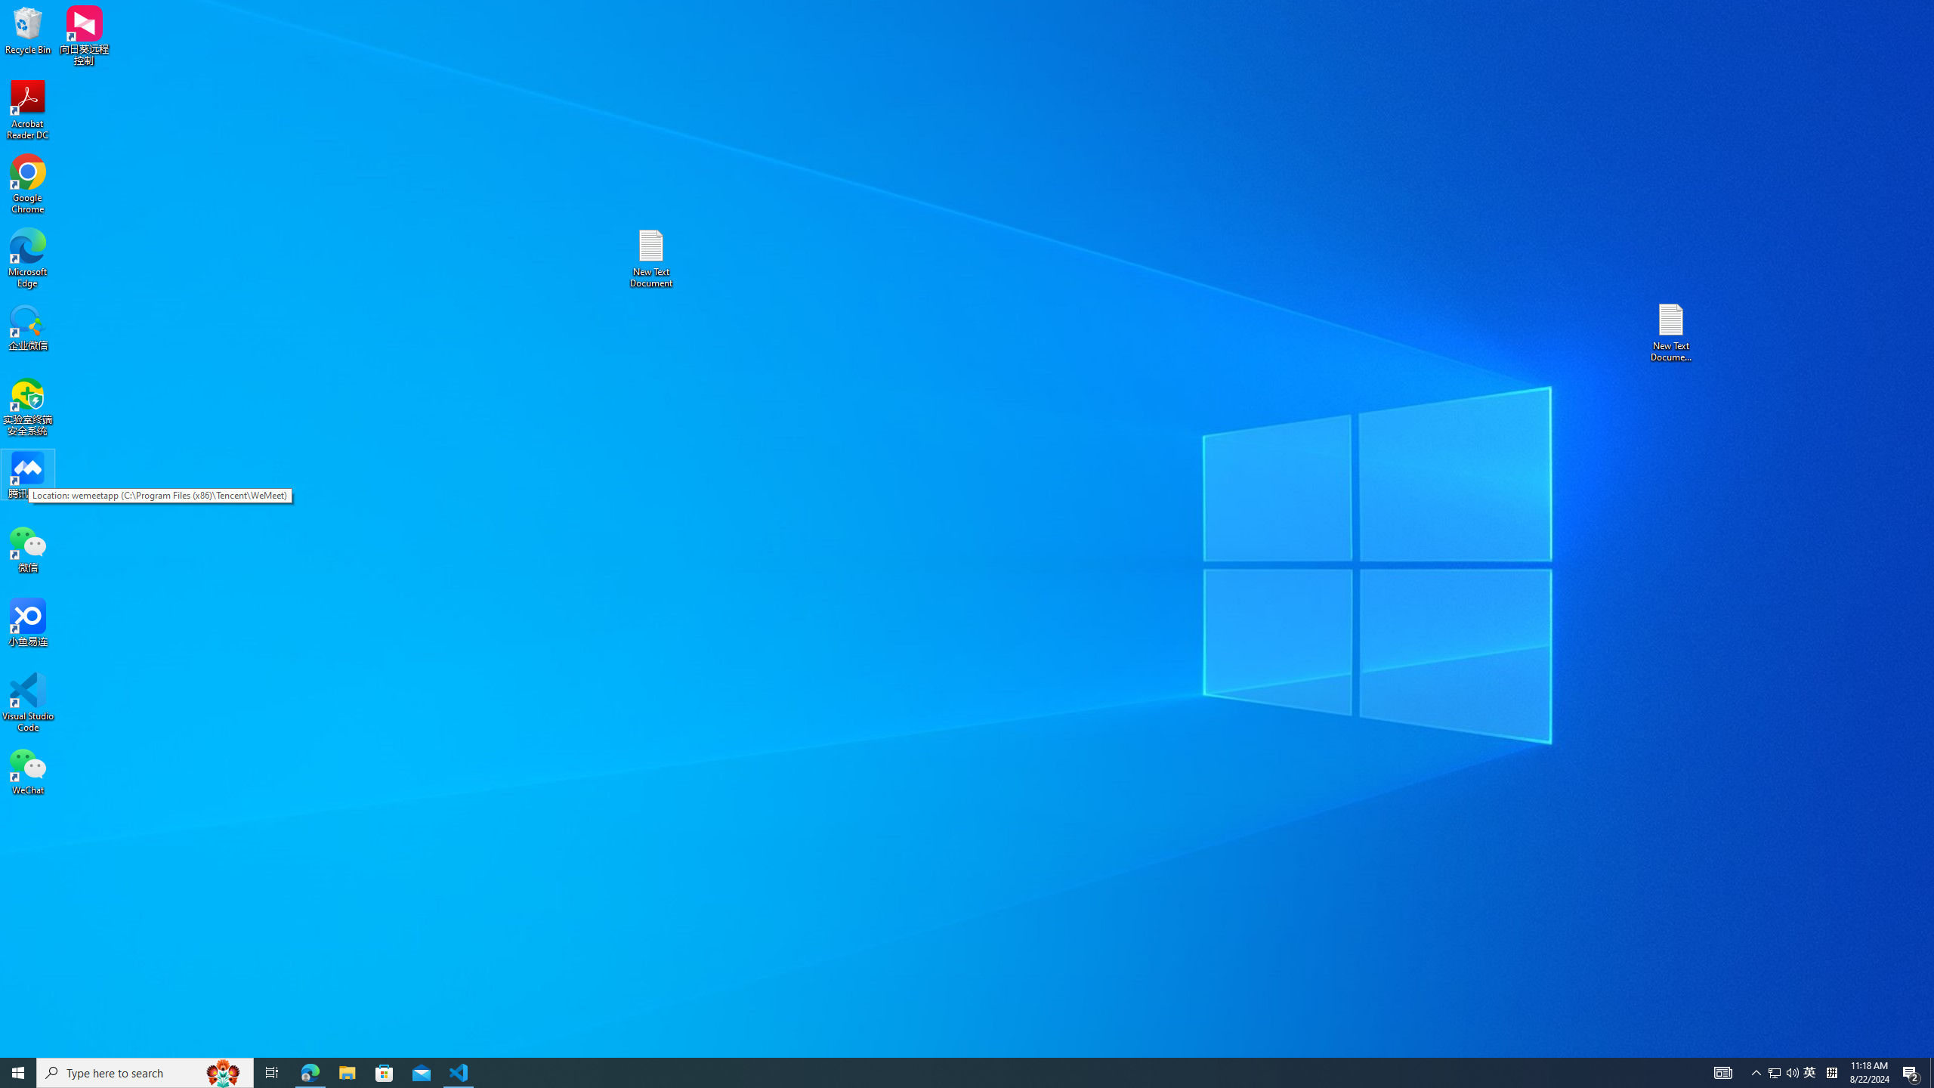 Image resolution: width=1934 pixels, height=1088 pixels. What do you see at coordinates (385, 1071) in the screenshot?
I see `'Microsoft Store'` at bounding box center [385, 1071].